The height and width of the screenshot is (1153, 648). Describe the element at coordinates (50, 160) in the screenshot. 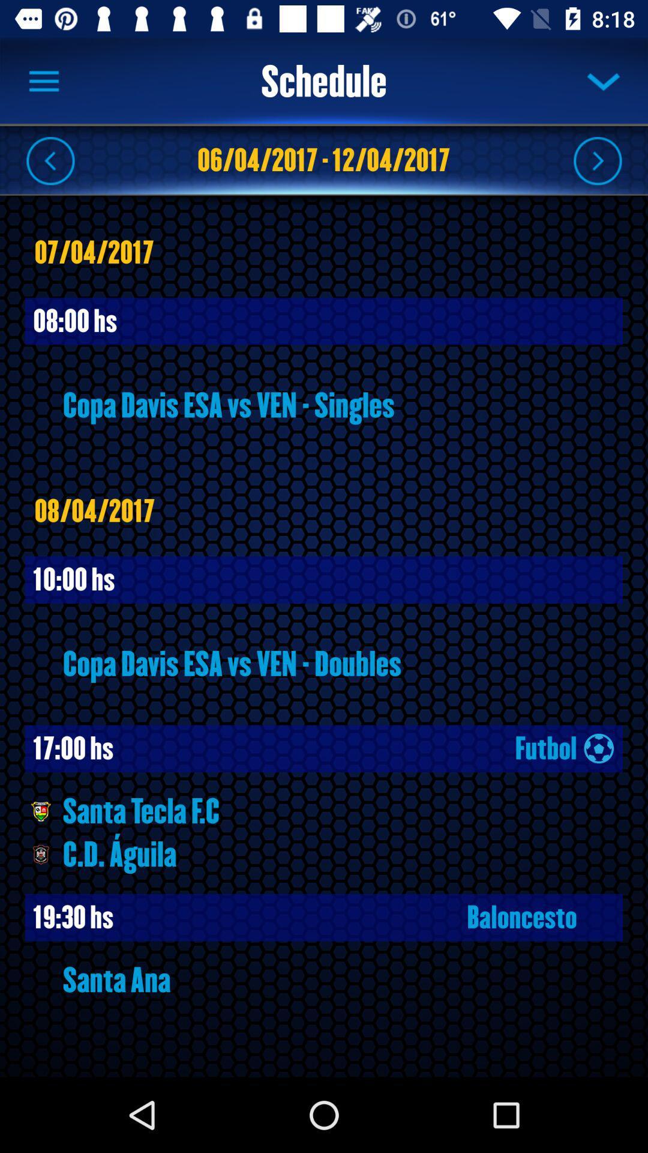

I see `the arrow_backward icon` at that location.